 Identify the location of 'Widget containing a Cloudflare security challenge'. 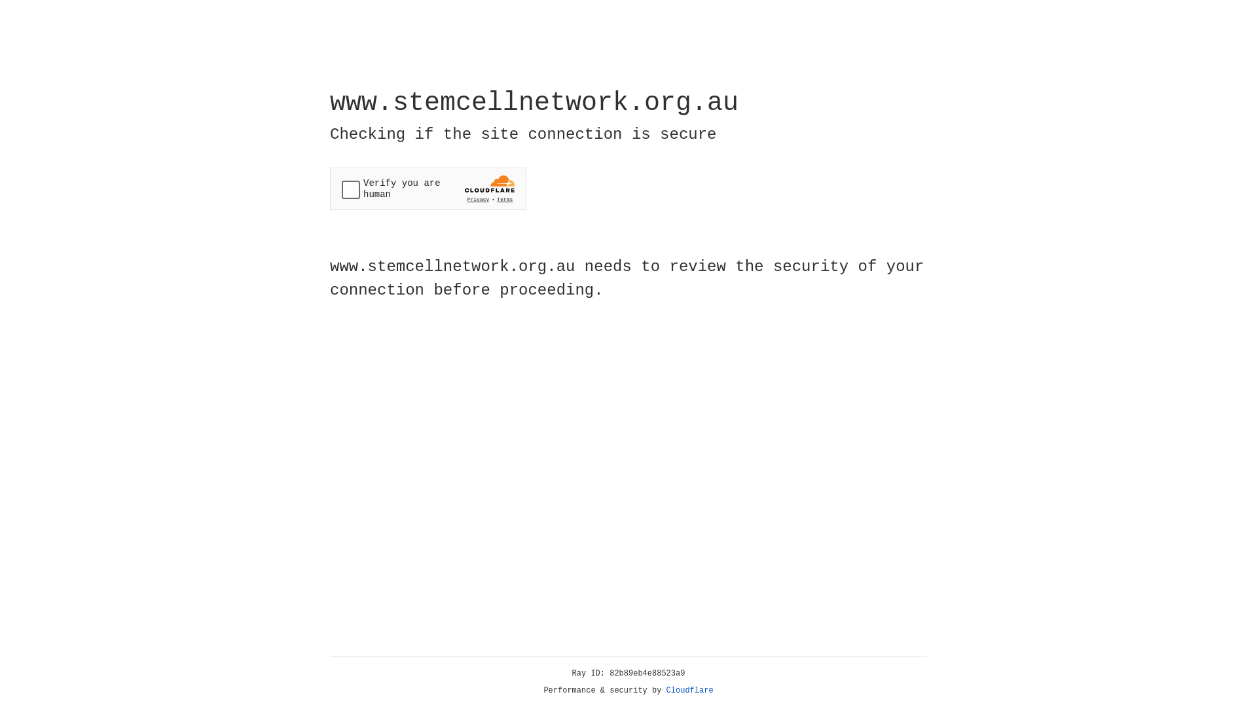
(428, 189).